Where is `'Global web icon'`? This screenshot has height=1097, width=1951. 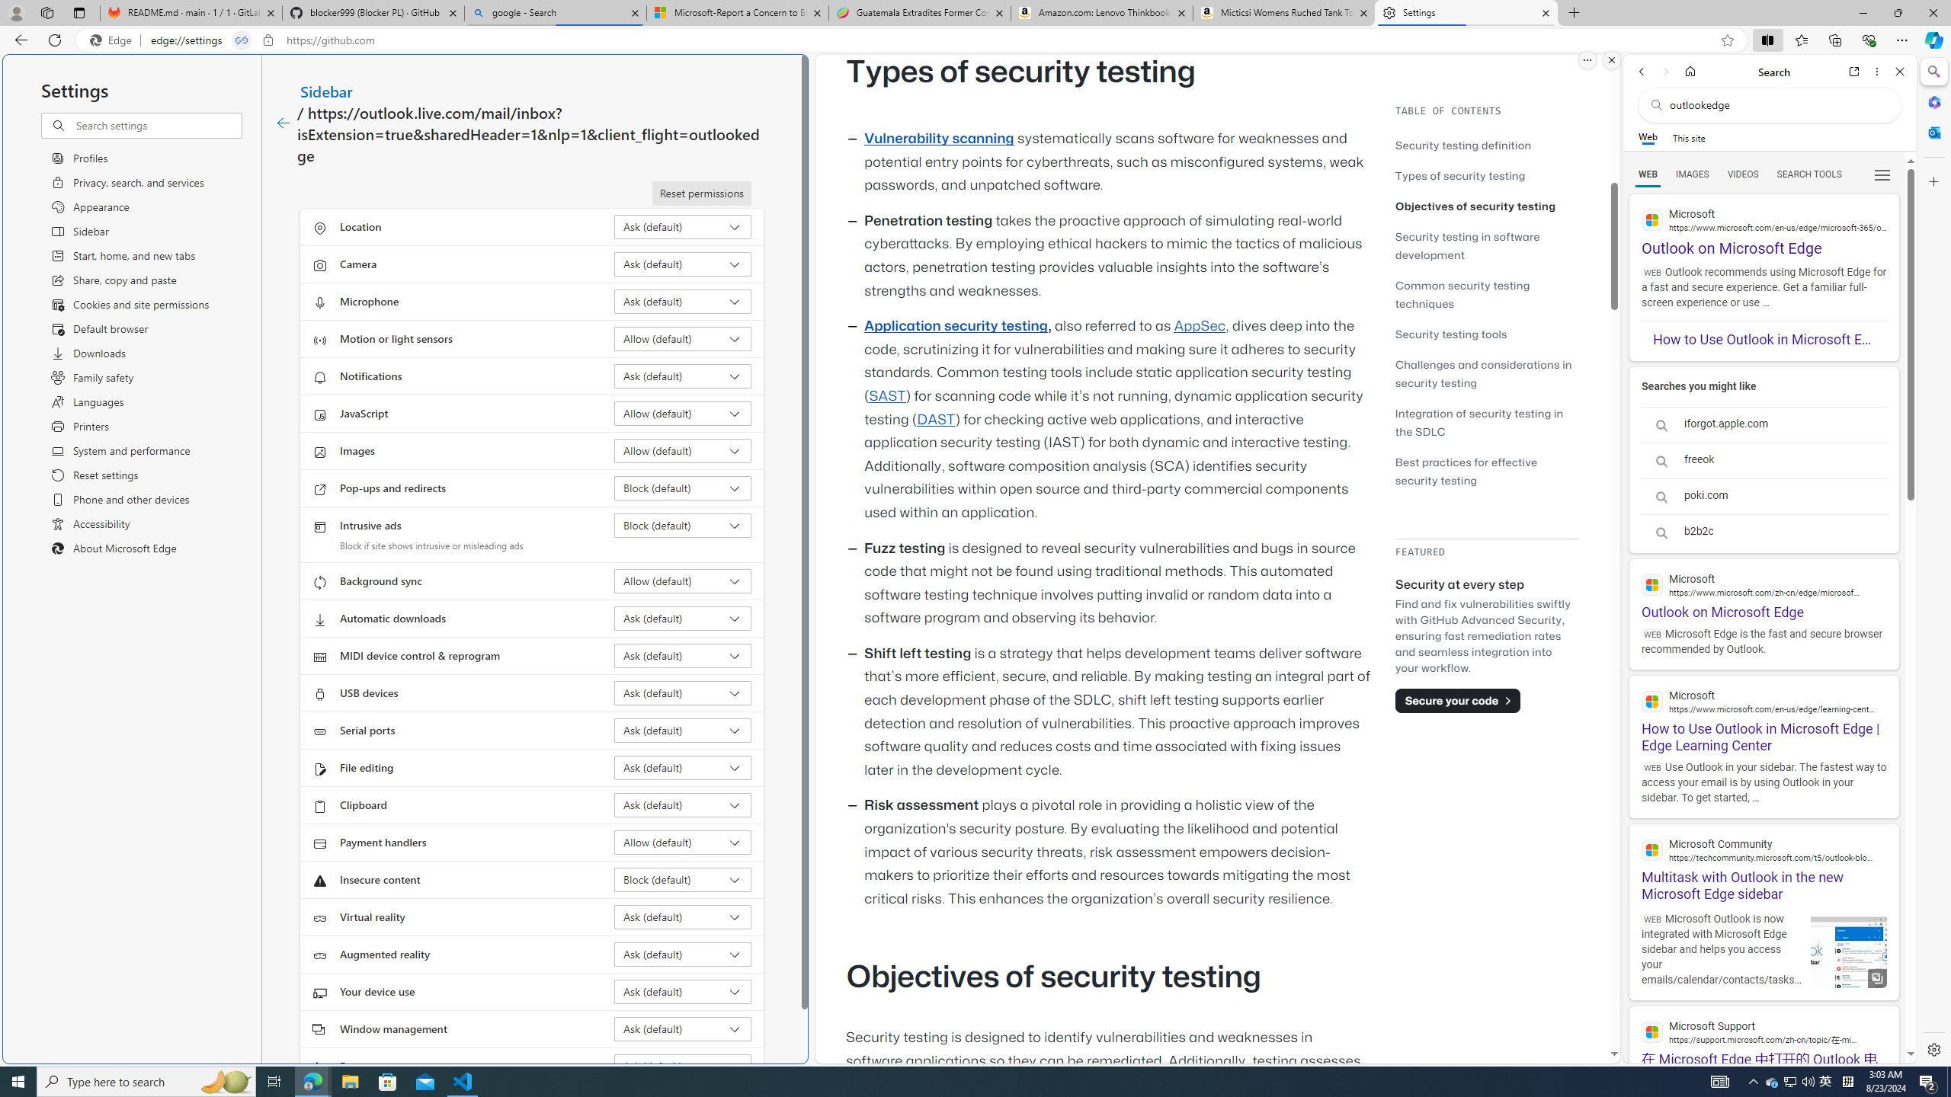 'Global web icon' is located at coordinates (1652, 1032).